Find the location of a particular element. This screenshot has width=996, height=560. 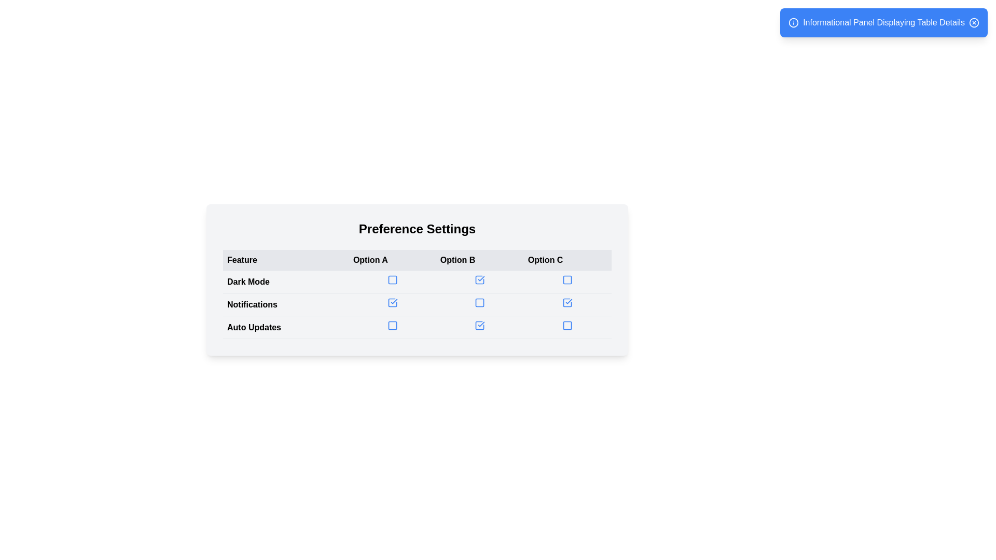

the distinct red square checkbox located is located at coordinates (567, 325).